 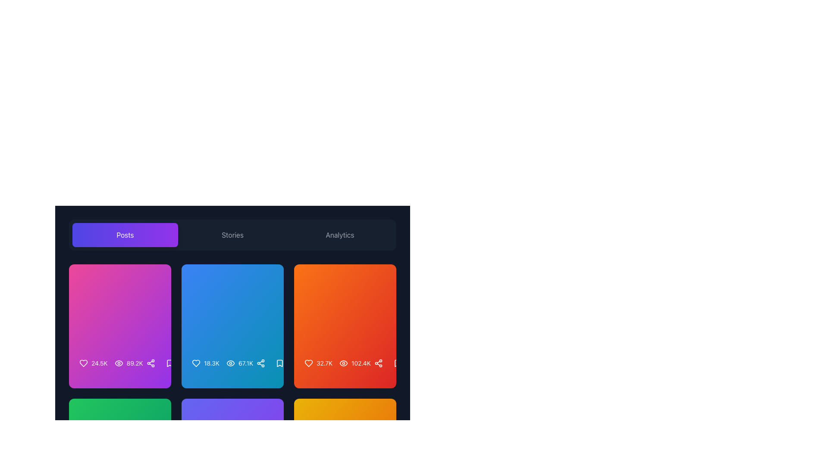 What do you see at coordinates (308, 363) in the screenshot?
I see `the heart-shaped icon with a white outline, which represents the 'like' or 'favorite' function` at bounding box center [308, 363].